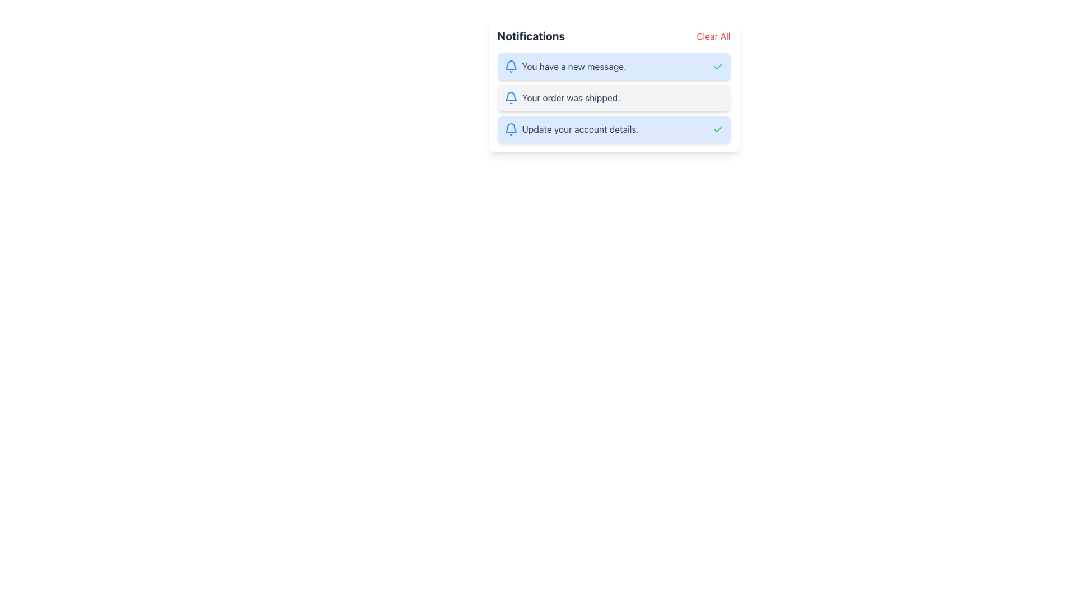  I want to click on the second notification item in the notification card to see details, so click(613, 97).